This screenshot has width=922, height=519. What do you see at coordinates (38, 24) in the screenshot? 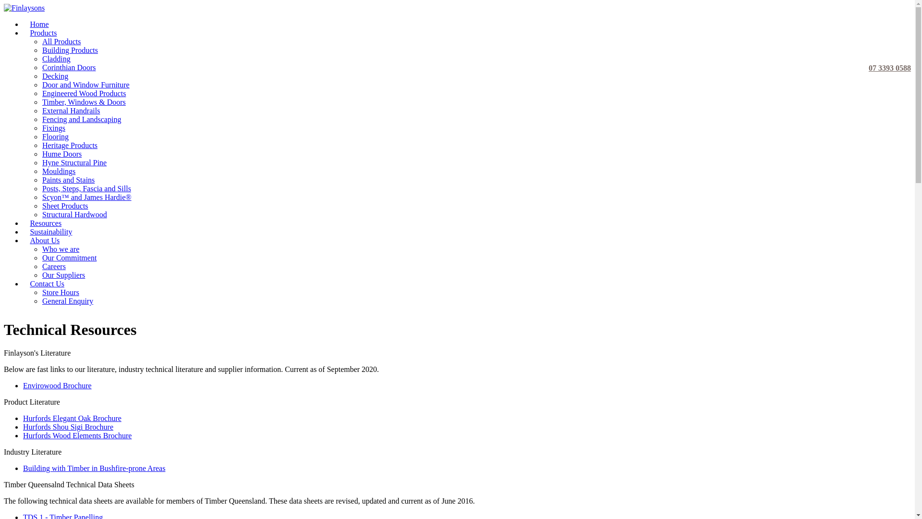
I see `'Home'` at bounding box center [38, 24].